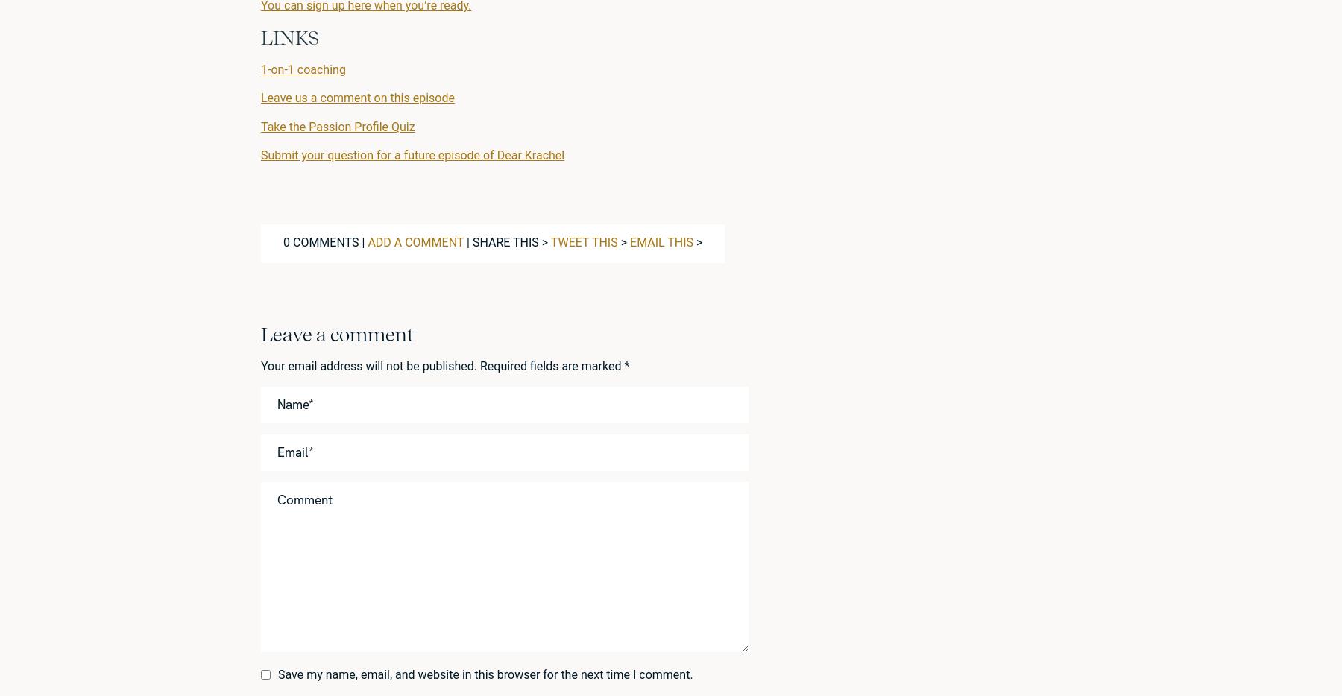  What do you see at coordinates (464, 241) in the screenshot?
I see `'| Share this		>'` at bounding box center [464, 241].